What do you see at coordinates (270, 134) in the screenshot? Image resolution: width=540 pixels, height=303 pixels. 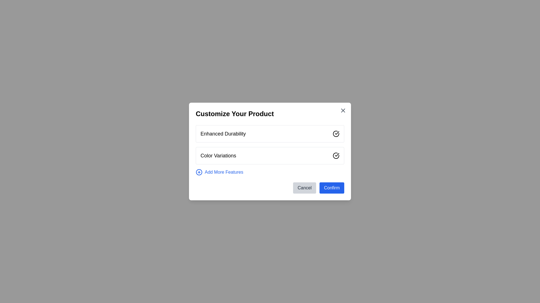 I see `the 'Enhanced Durability' selectable option located in the upper section of a list within a modal dialog box` at bounding box center [270, 134].